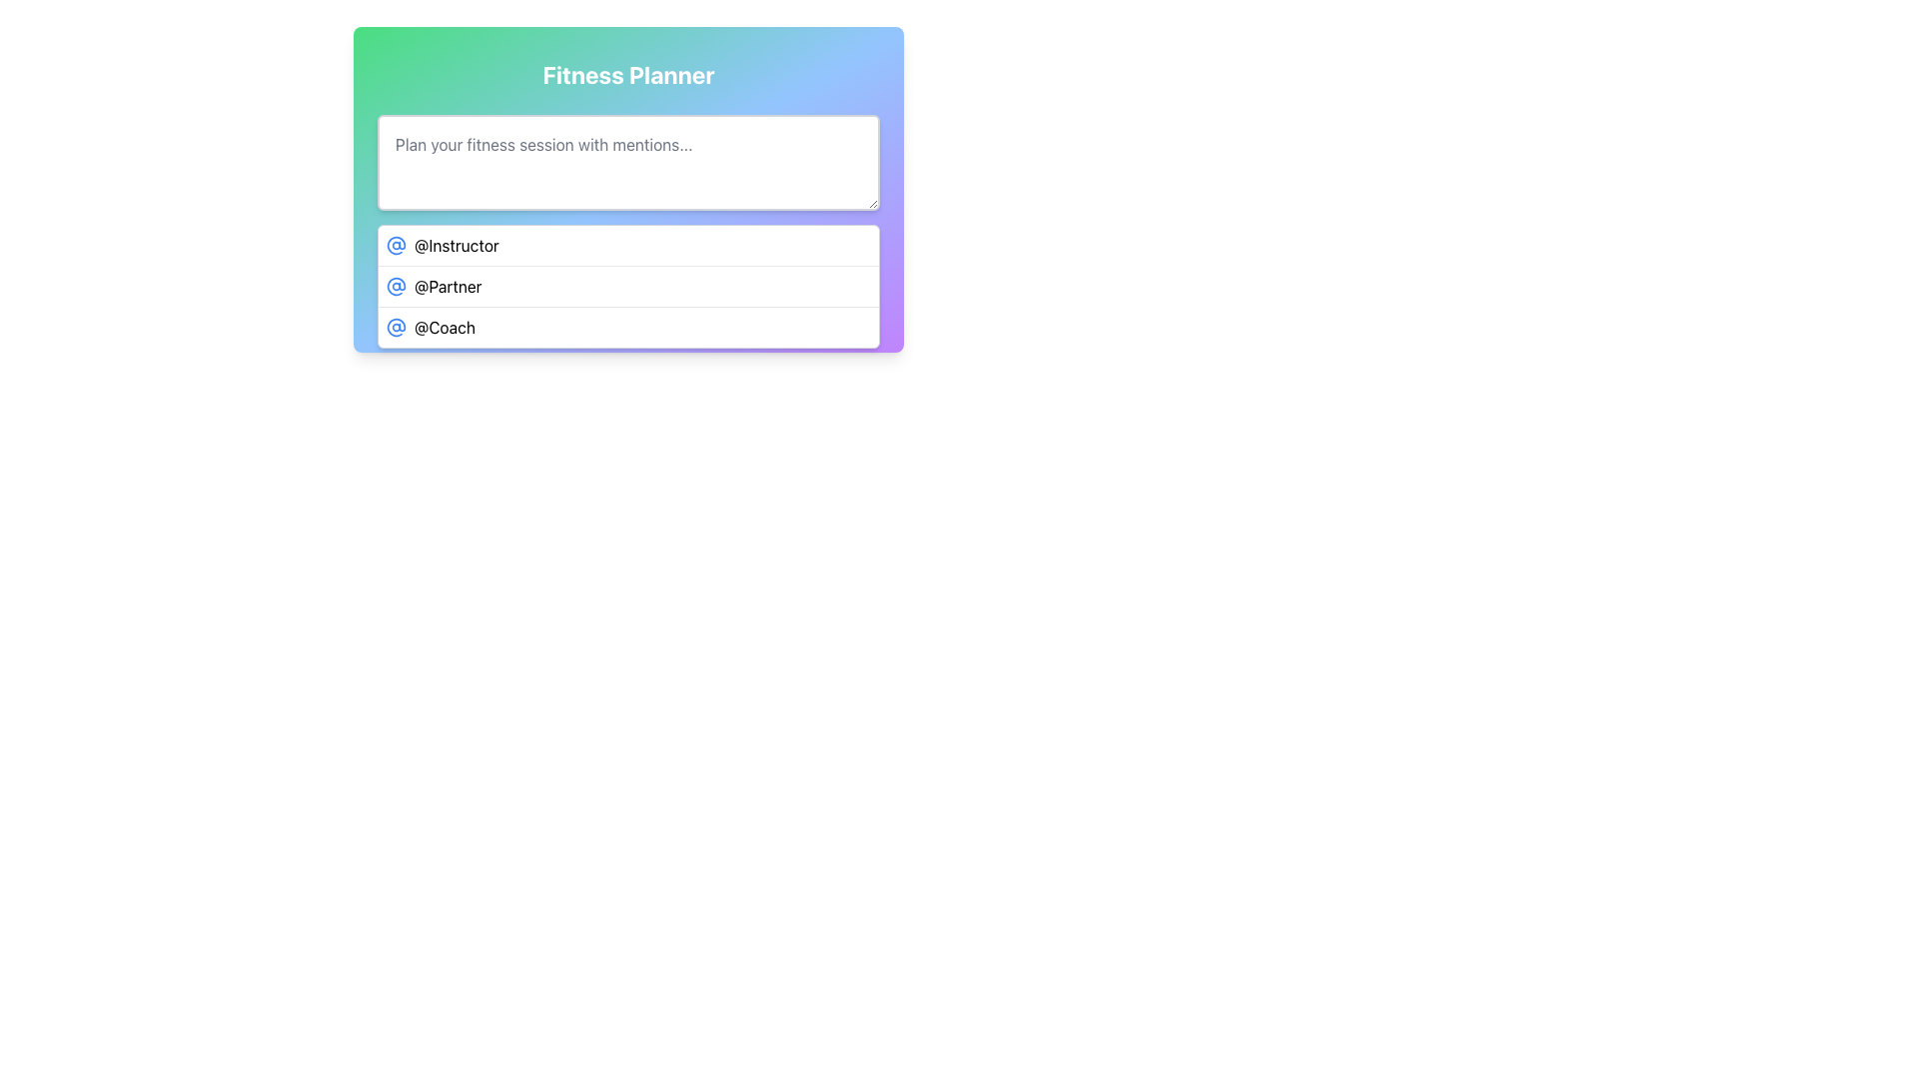  Describe the element at coordinates (397, 245) in the screenshot. I see `the circular blue '@' icon next to the name '@Instructor', which is the first icon in a horizontal list of similar icons` at that location.